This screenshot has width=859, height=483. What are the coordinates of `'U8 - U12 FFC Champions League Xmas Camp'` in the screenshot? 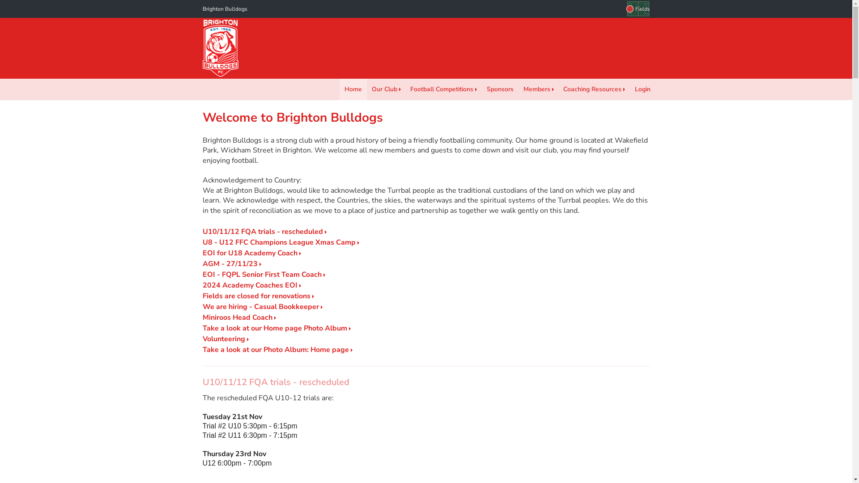 It's located at (280, 242).